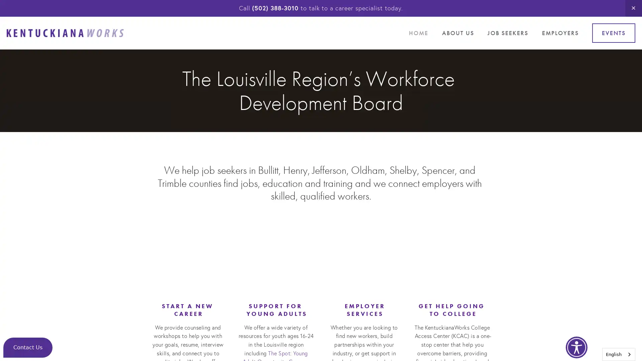 The height and width of the screenshot is (361, 642). I want to click on Accessibility Menu, so click(576, 347).